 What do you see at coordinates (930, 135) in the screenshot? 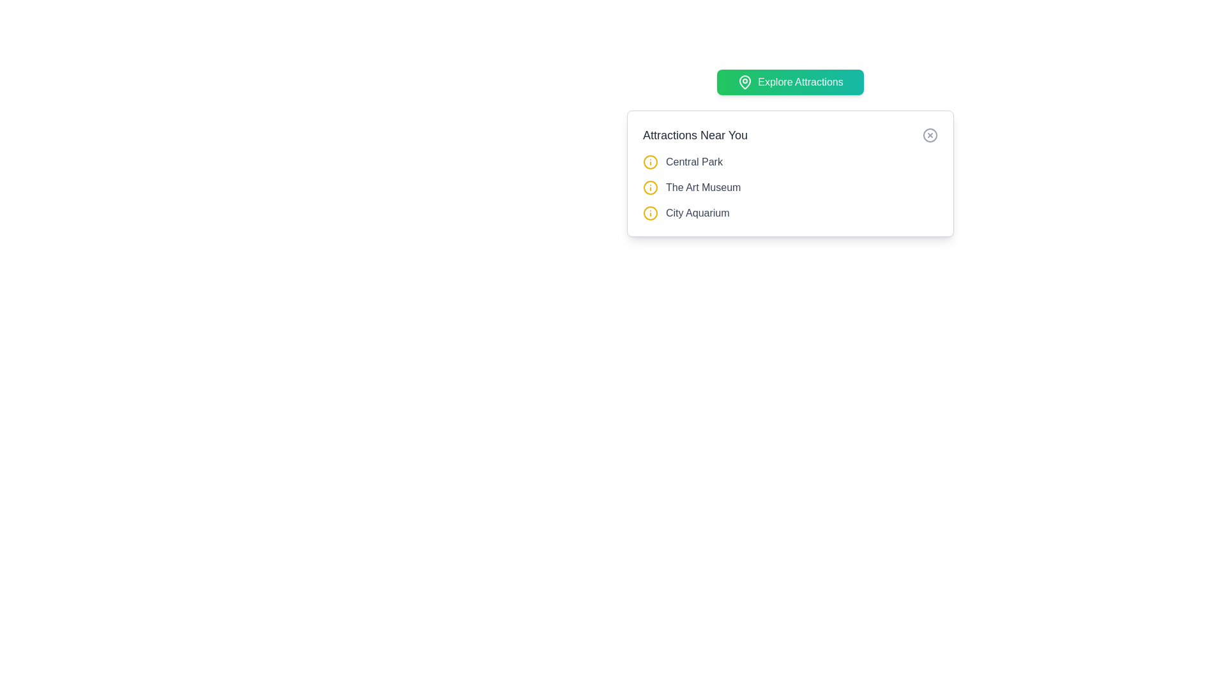
I see `the close icon button located in the top-right corner of the 'Attractions Near You' card` at bounding box center [930, 135].